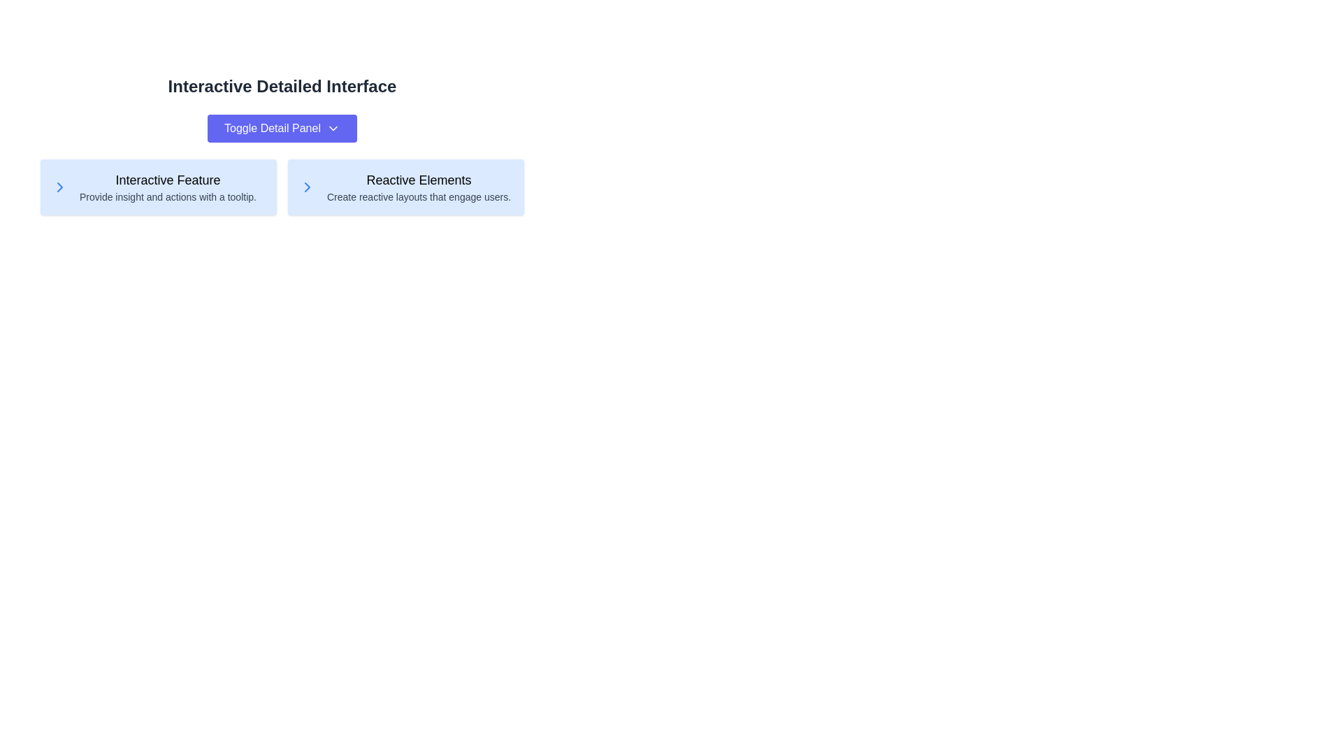 Image resolution: width=1342 pixels, height=755 pixels. What do you see at coordinates (281, 86) in the screenshot?
I see `the centered headline text element styled in bold, dark gray, reading 'Interactive Detailed Interface'` at bounding box center [281, 86].